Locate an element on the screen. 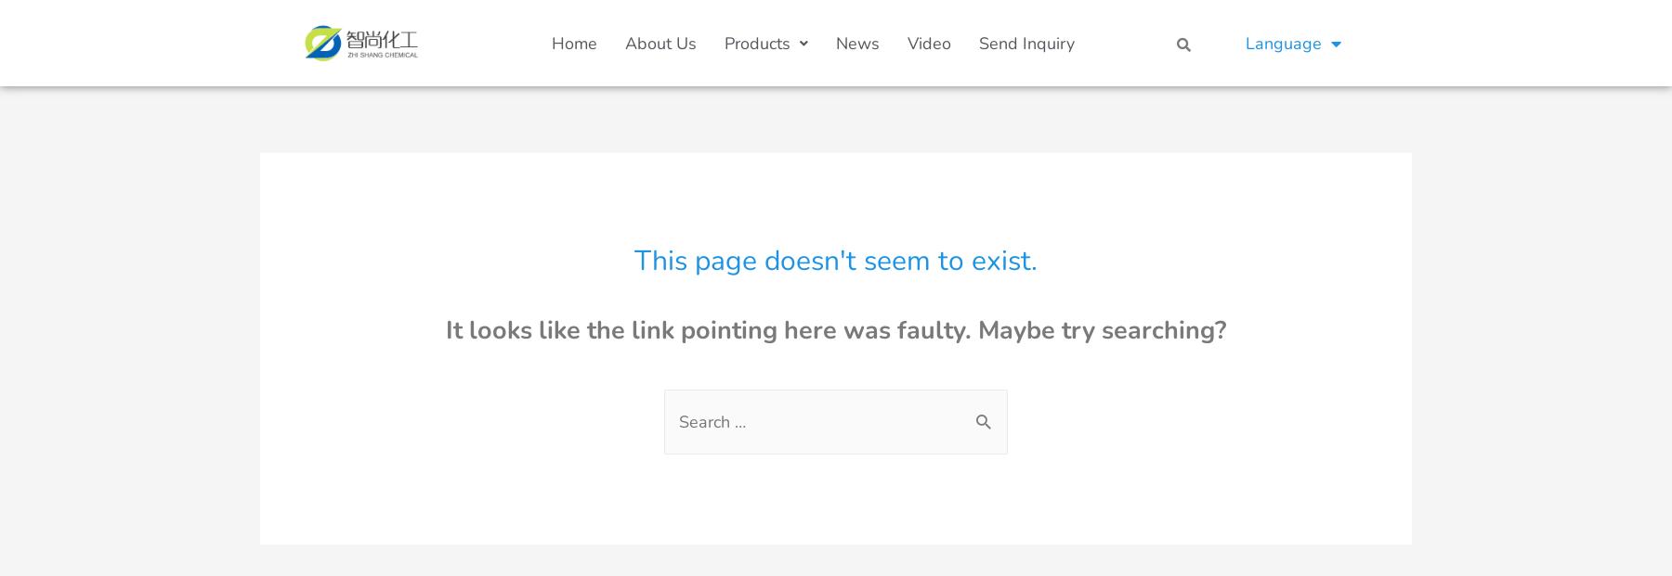 Image resolution: width=1672 pixels, height=576 pixels. 'This page doesn't seem to exist.' is located at coordinates (633, 260).